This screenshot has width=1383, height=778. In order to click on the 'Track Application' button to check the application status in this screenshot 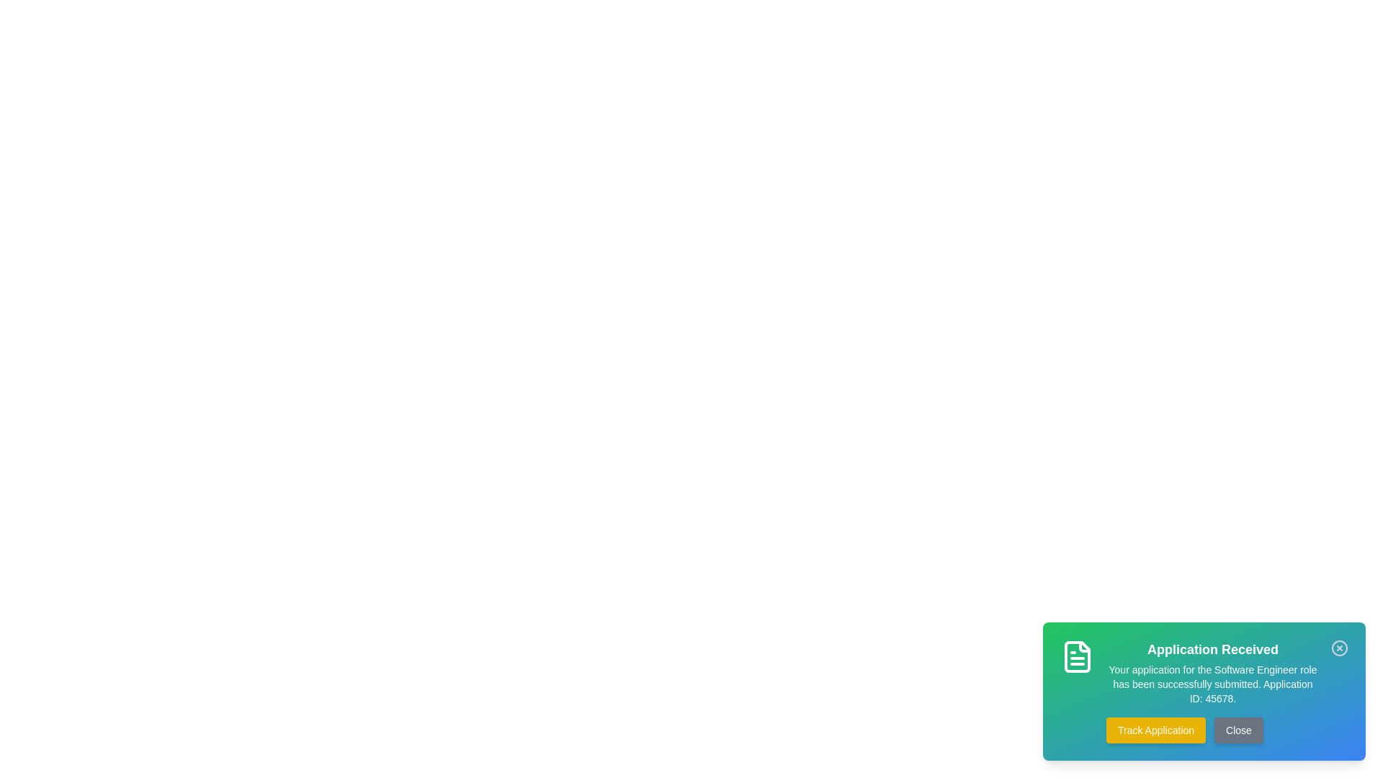, I will do `click(1155, 730)`.